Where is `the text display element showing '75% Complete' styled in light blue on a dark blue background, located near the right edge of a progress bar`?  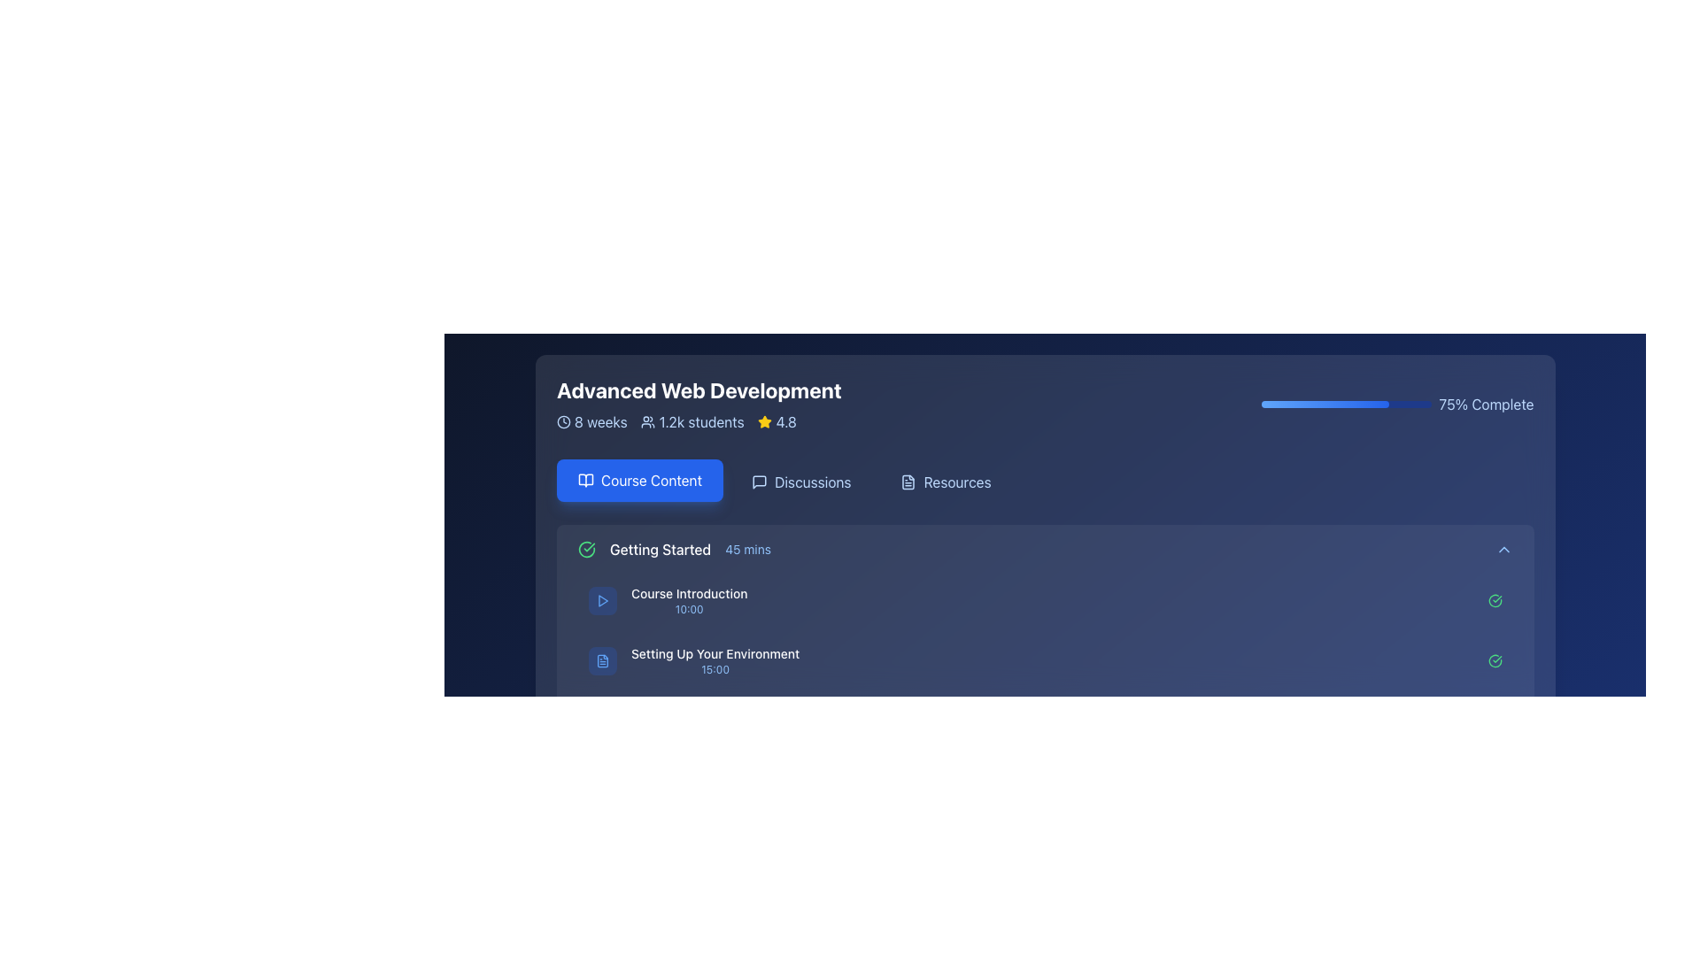
the text display element showing '75% Complete' styled in light blue on a dark blue background, located near the right edge of a progress bar is located at coordinates (1487, 404).